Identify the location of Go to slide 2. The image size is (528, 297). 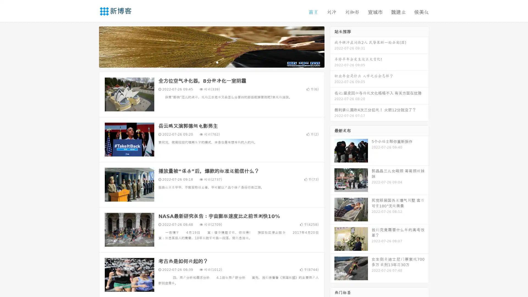
(211, 62).